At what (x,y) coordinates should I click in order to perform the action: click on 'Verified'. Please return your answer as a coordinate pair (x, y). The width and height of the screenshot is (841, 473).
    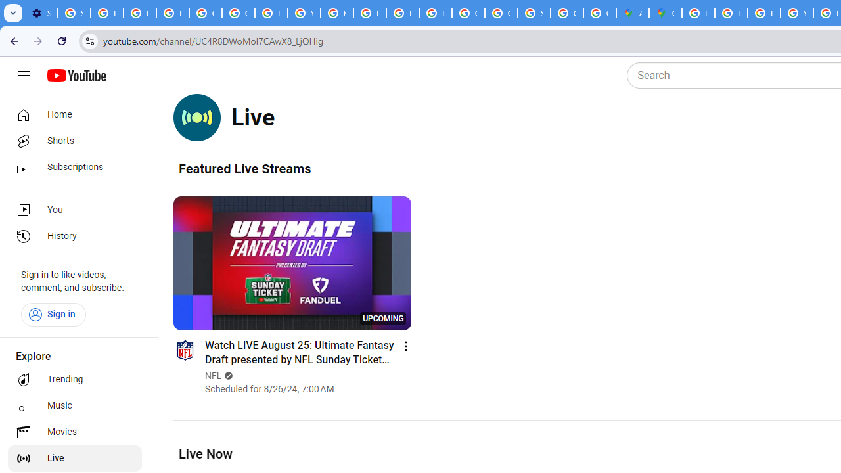
    Looking at the image, I should click on (227, 376).